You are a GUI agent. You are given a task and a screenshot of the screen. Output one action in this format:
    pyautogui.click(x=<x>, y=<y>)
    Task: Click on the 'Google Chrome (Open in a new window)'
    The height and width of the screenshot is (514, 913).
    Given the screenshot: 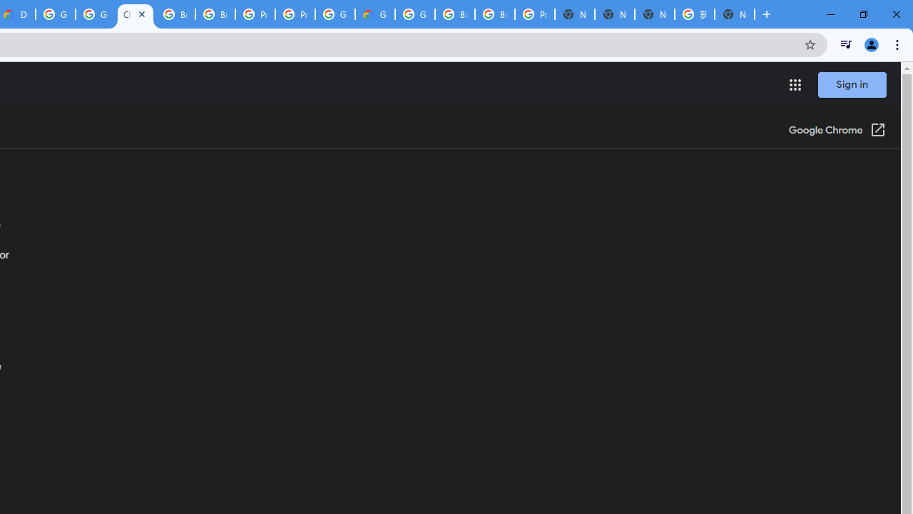 What is the action you would take?
    pyautogui.click(x=837, y=131)
    